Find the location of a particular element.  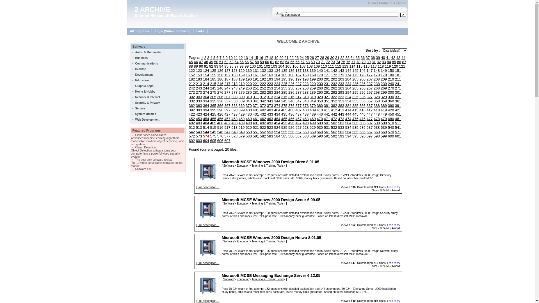

'317' is located at coordinates (295, 97).